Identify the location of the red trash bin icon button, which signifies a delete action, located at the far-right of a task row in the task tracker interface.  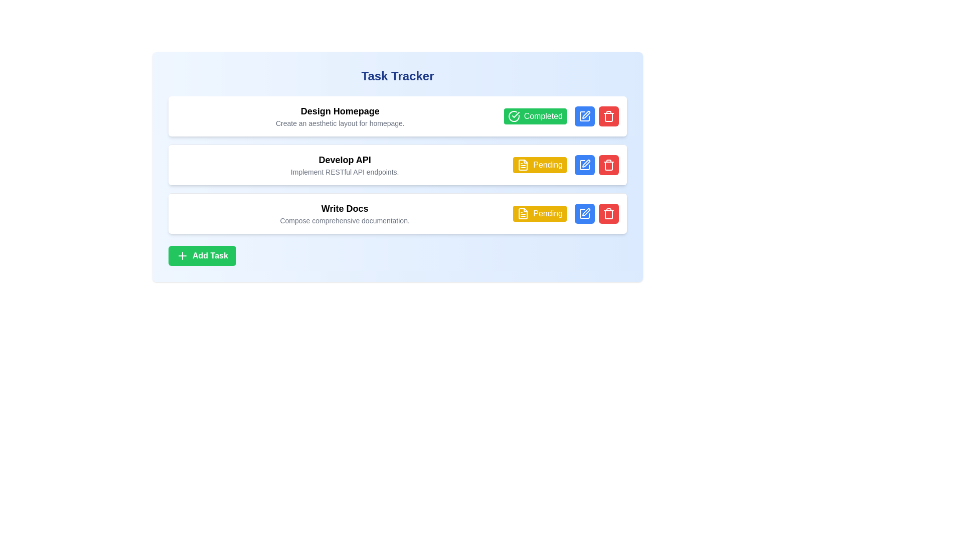
(608, 164).